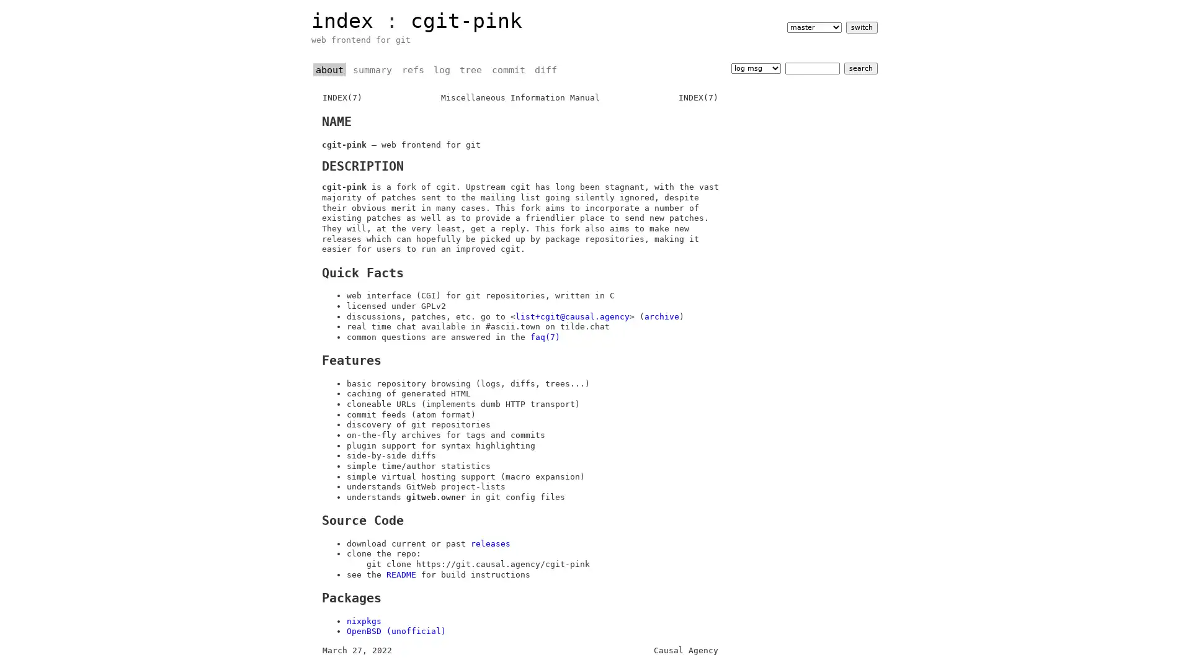  I want to click on search, so click(860, 68).